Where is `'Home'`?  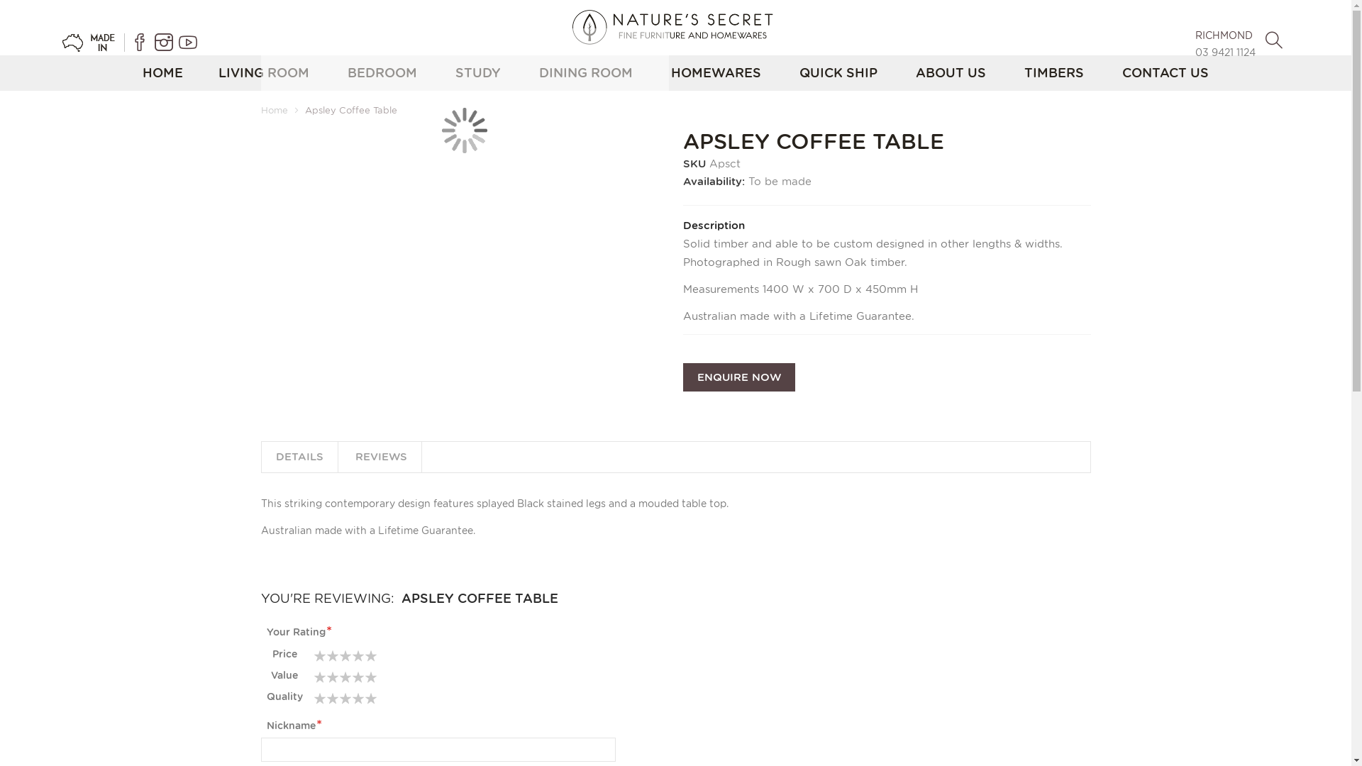
'Home' is located at coordinates (275, 109).